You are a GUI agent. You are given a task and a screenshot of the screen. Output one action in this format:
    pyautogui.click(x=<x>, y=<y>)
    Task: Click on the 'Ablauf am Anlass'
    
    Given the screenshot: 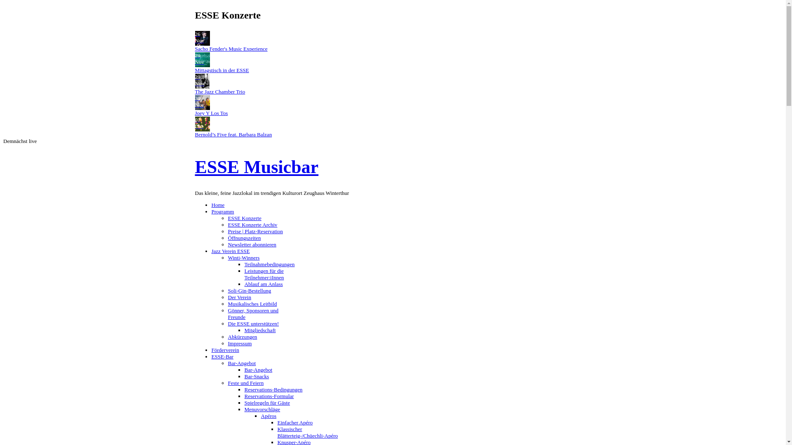 What is the action you would take?
    pyautogui.click(x=263, y=283)
    